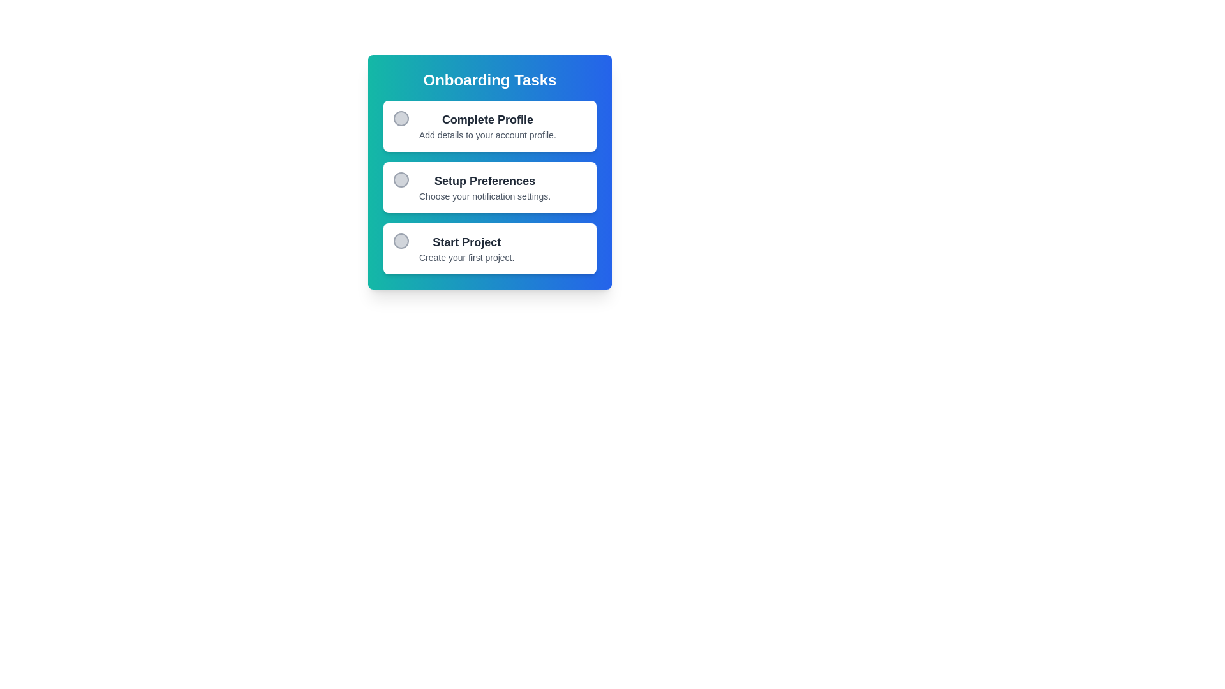  Describe the element at coordinates (487, 120) in the screenshot. I see `the first task item title in the vertically stacked list on the onboarding card, which is positioned above 'Setup Preferences'` at that location.